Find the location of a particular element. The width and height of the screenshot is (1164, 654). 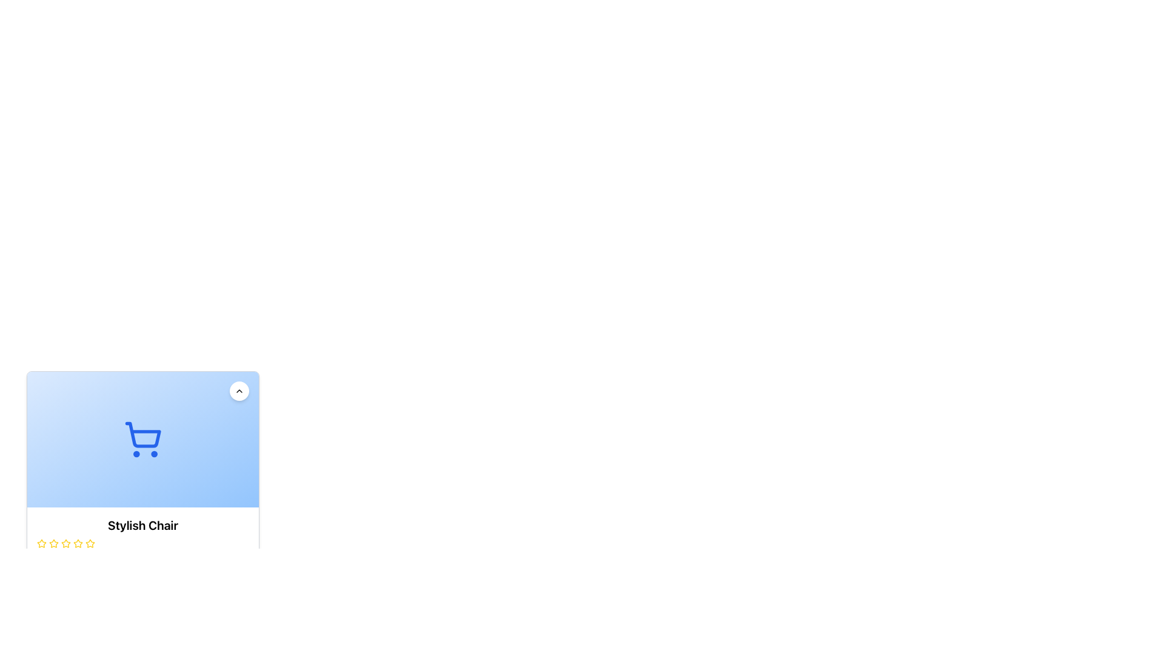

the second star icon located centrally under the product title 'Stylish Chair' to provide a rating is located at coordinates (53, 543).